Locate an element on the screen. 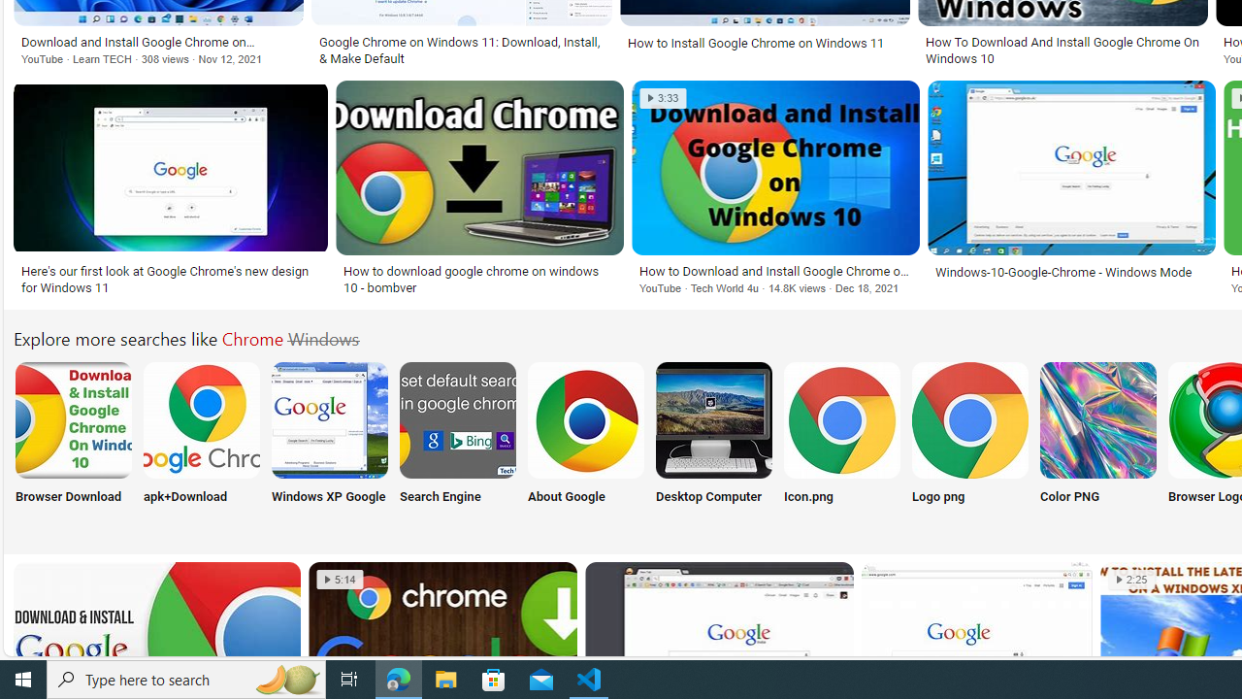  'How to download google chrome on windows 10 - bombverSave' is located at coordinates (483, 190).